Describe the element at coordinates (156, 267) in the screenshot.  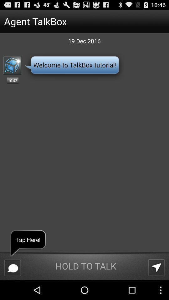
I see `app to the right of hold to talk item` at that location.